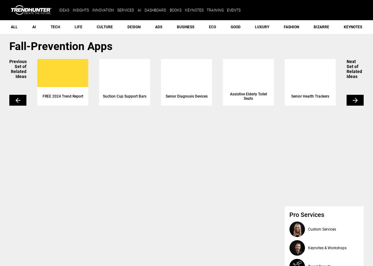  Describe the element at coordinates (360, 10) in the screenshot. I see `'search'` at that location.